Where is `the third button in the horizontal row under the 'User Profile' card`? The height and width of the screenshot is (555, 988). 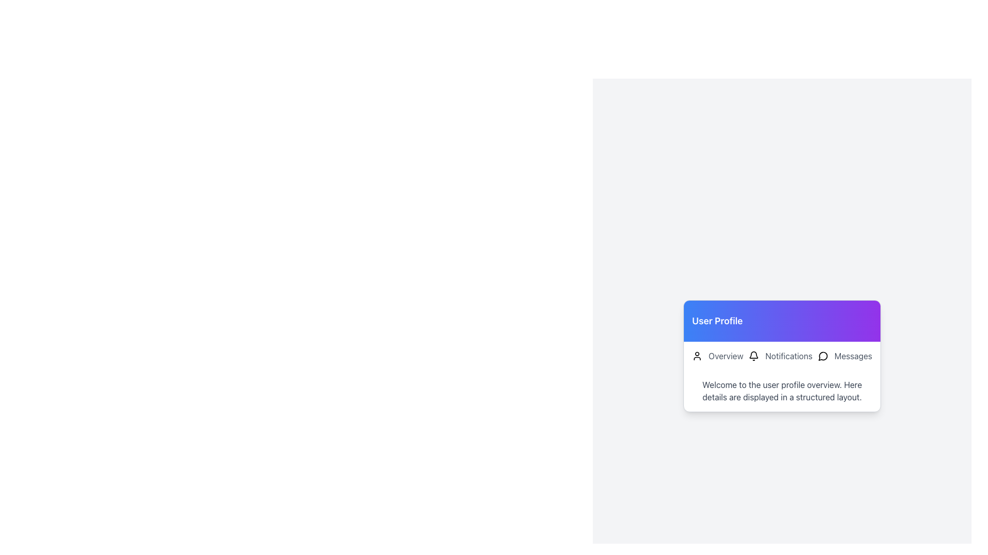
the third button in the horizontal row under the 'User Profile' card is located at coordinates (845, 356).